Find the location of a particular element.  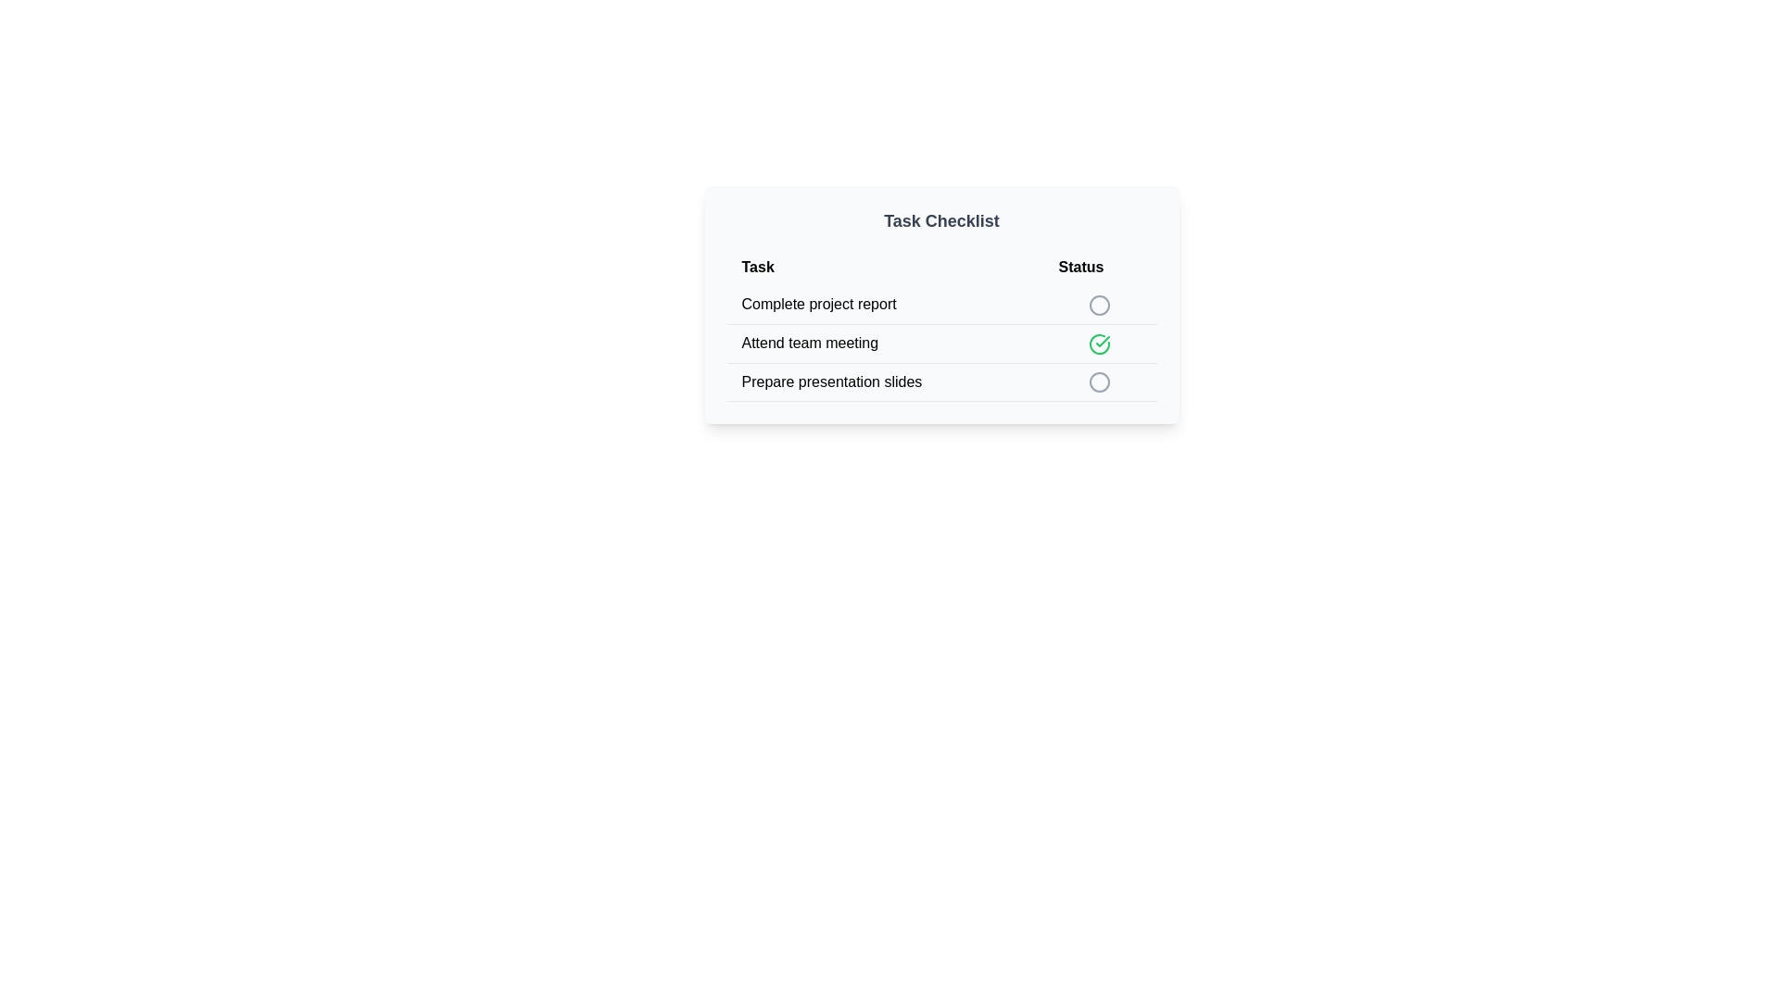

the Completion indicator icon that visually indicates the completion status of the task 'Attend team meeting' in the task checklist table is located at coordinates (1100, 344).